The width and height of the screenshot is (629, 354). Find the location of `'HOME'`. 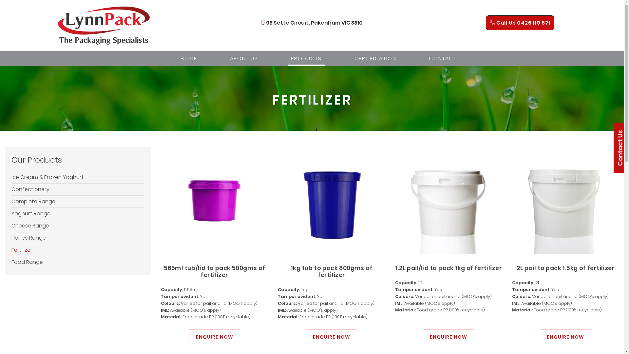

'HOME' is located at coordinates (188, 58).